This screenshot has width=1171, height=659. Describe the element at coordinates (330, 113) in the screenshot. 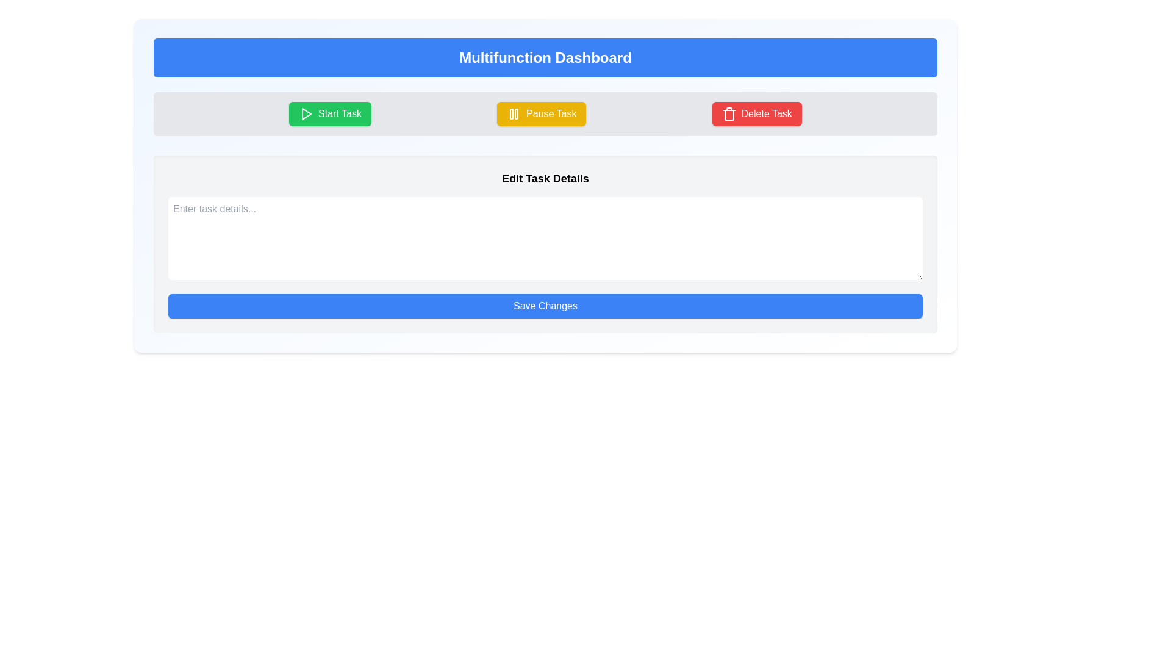

I see `the first button in the task management section` at that location.